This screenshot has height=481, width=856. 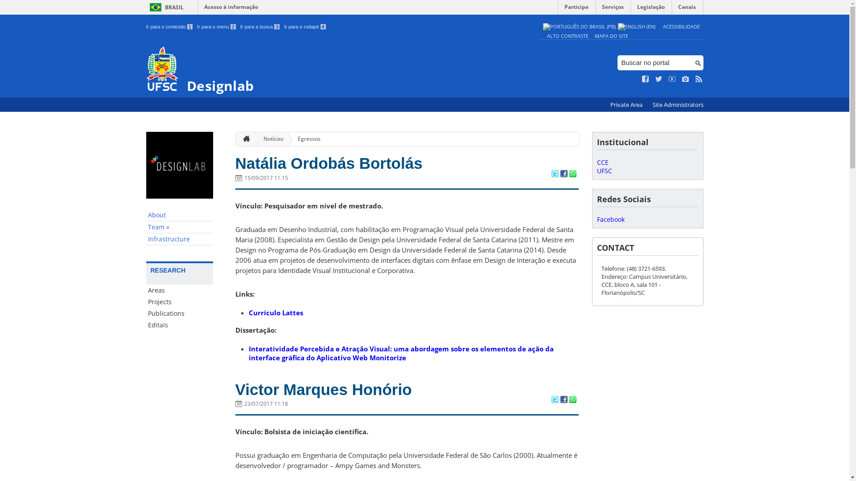 I want to click on 'Participe', so click(x=576, y=9).